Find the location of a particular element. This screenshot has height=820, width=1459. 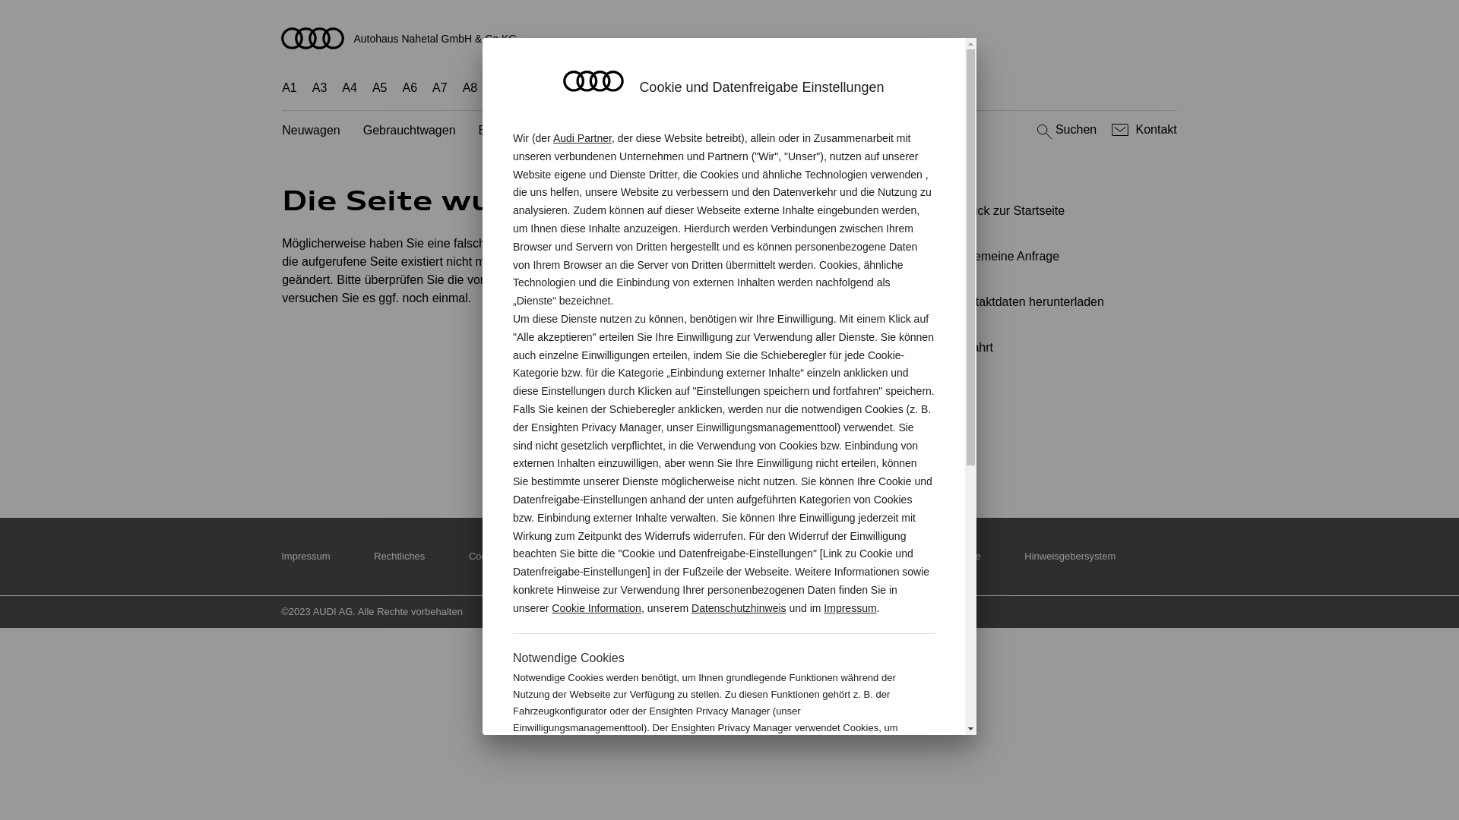

'Hinweisgebersystem' is located at coordinates (1068, 556).